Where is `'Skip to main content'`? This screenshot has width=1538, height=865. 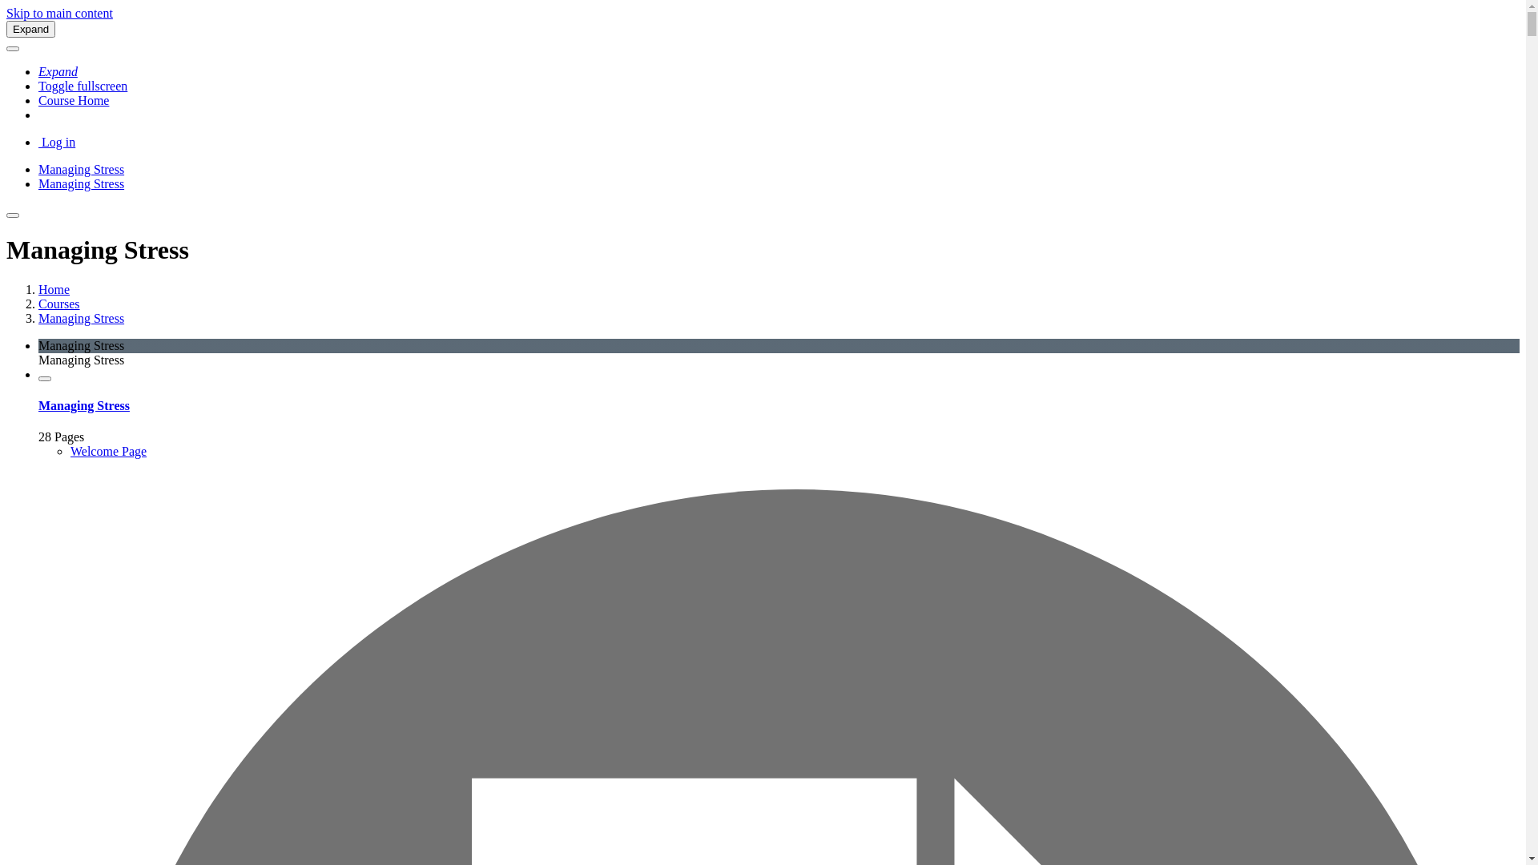
'Skip to main content' is located at coordinates (59, 13).